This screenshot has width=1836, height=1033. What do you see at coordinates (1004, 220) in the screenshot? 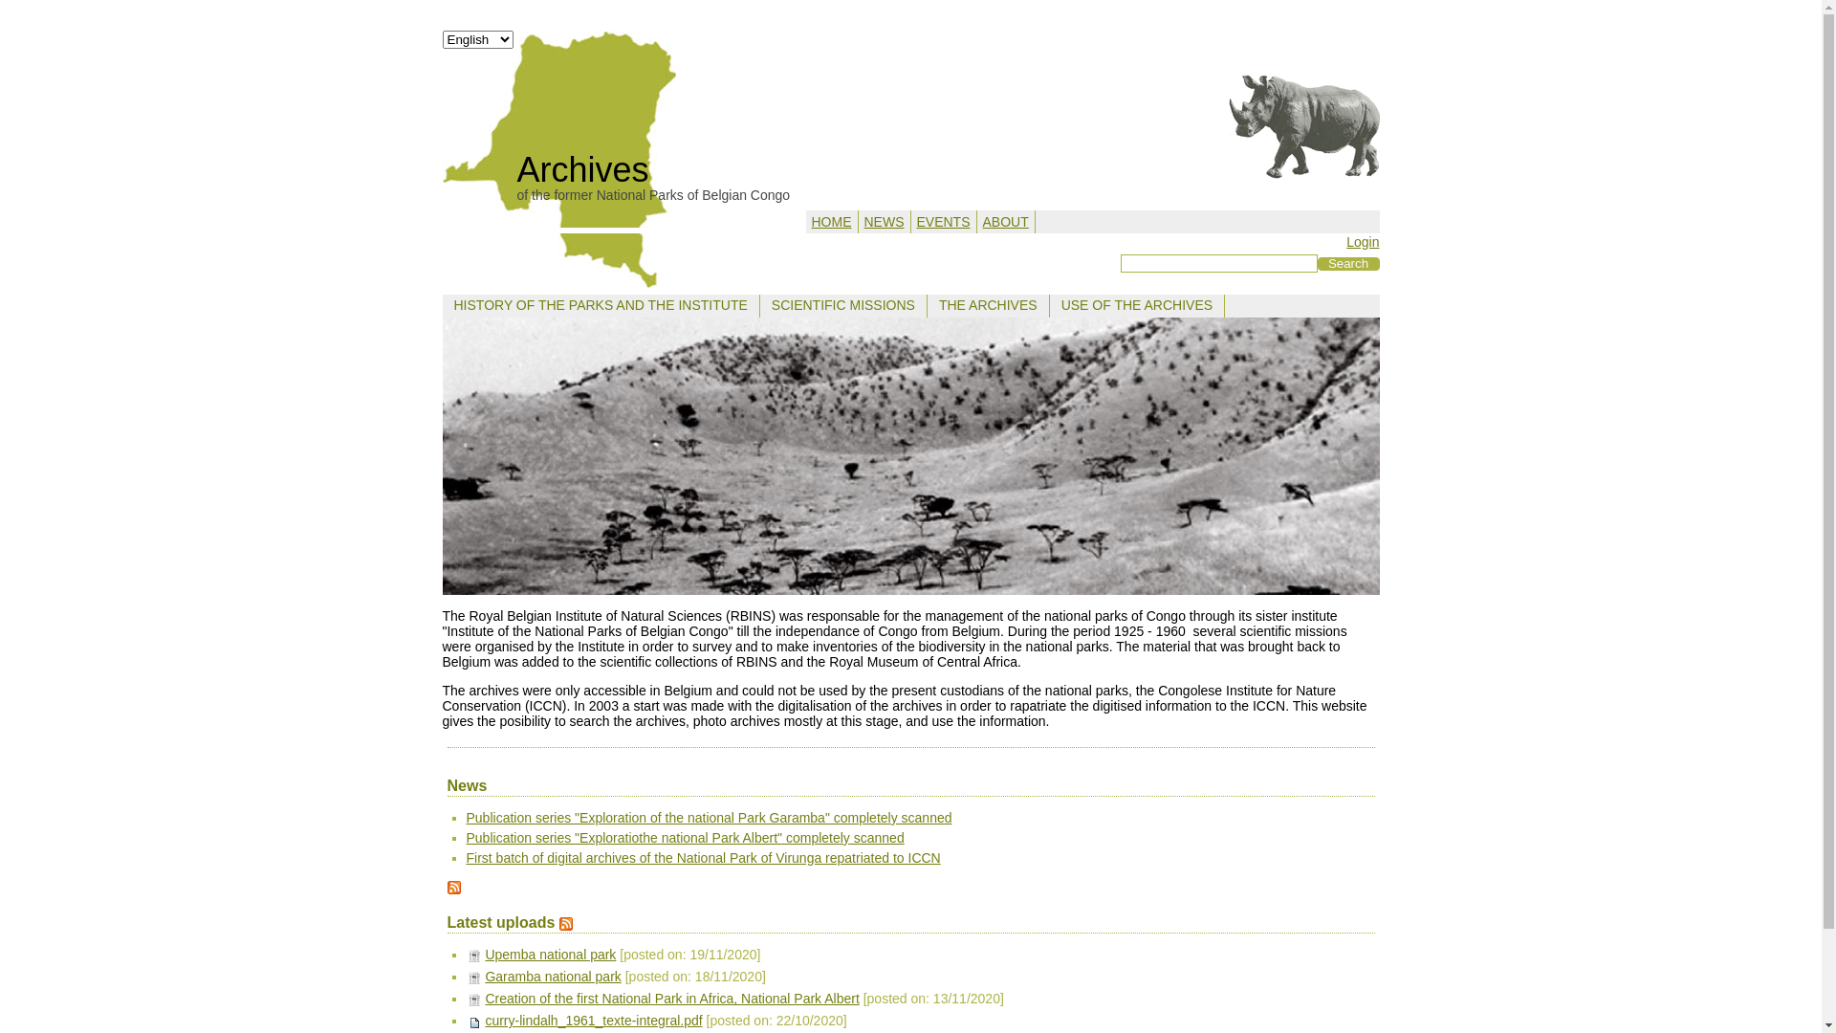
I see `'ABOUT'` at bounding box center [1004, 220].